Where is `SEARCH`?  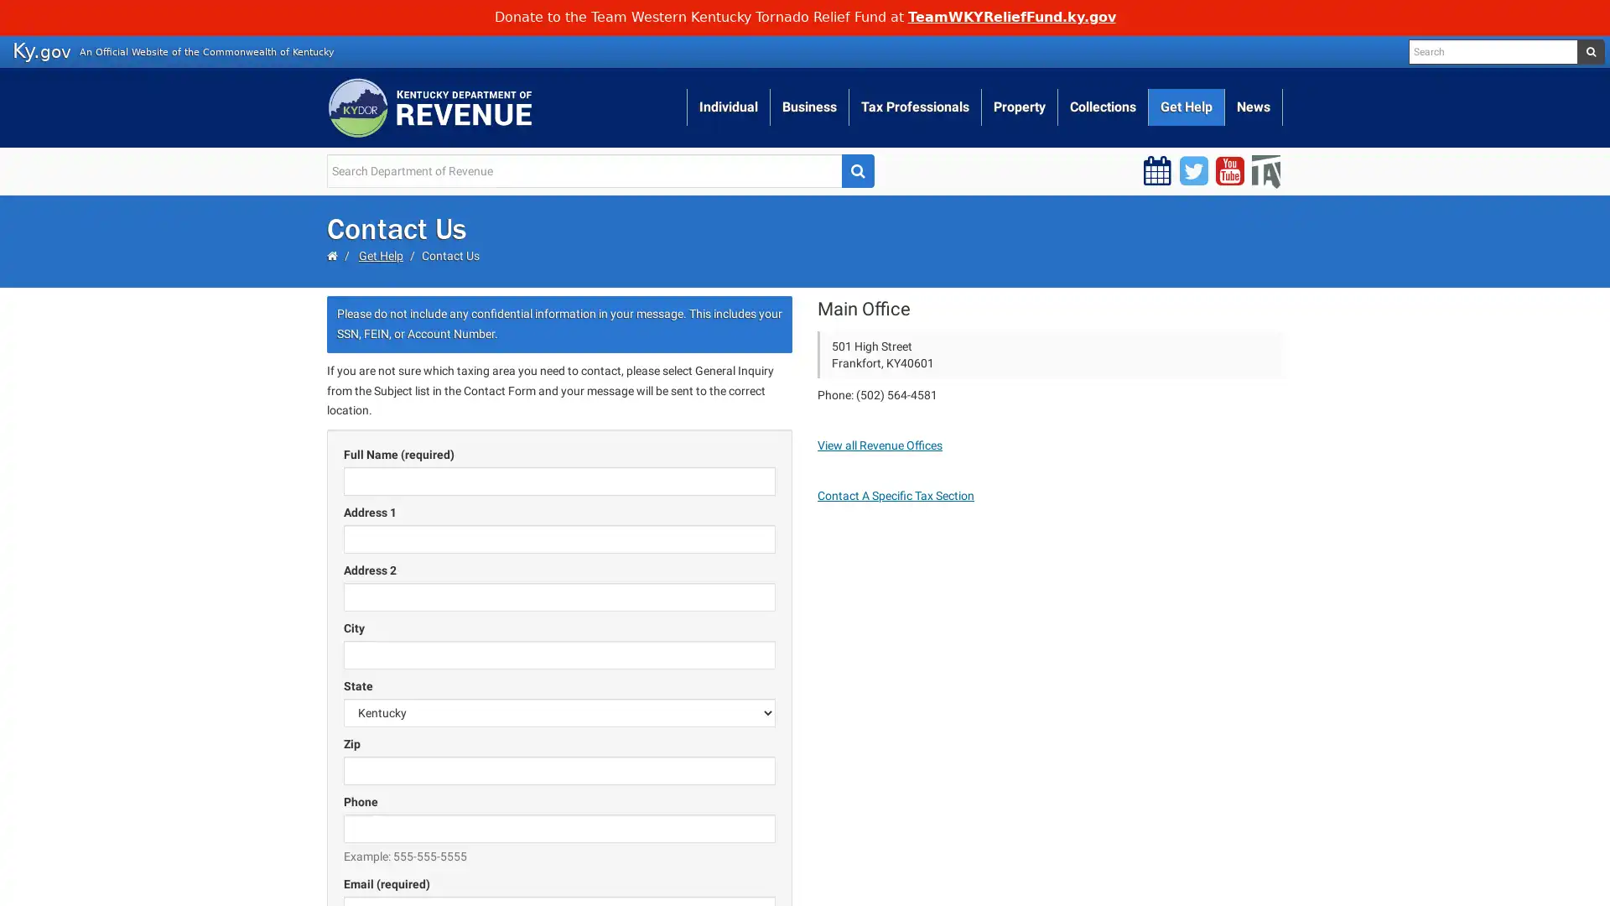
SEARCH is located at coordinates (1589, 50).